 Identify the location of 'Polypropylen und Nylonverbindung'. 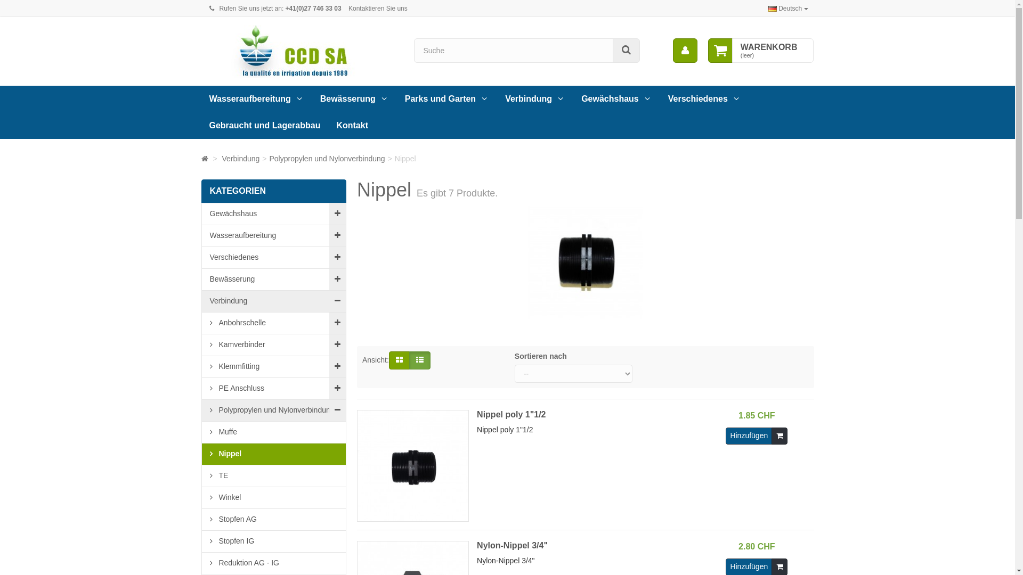
(273, 409).